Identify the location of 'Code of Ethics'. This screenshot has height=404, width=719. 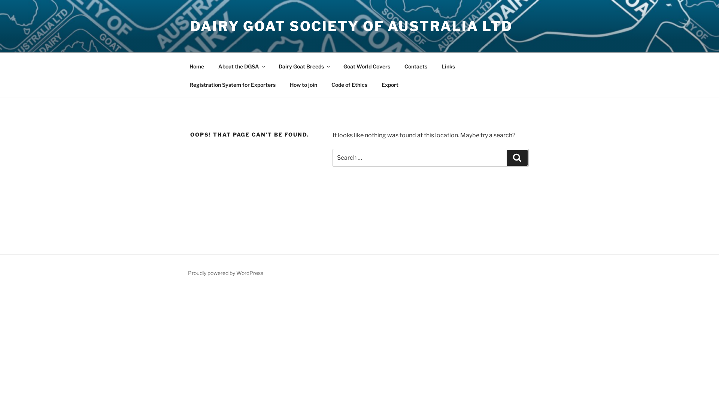
(349, 84).